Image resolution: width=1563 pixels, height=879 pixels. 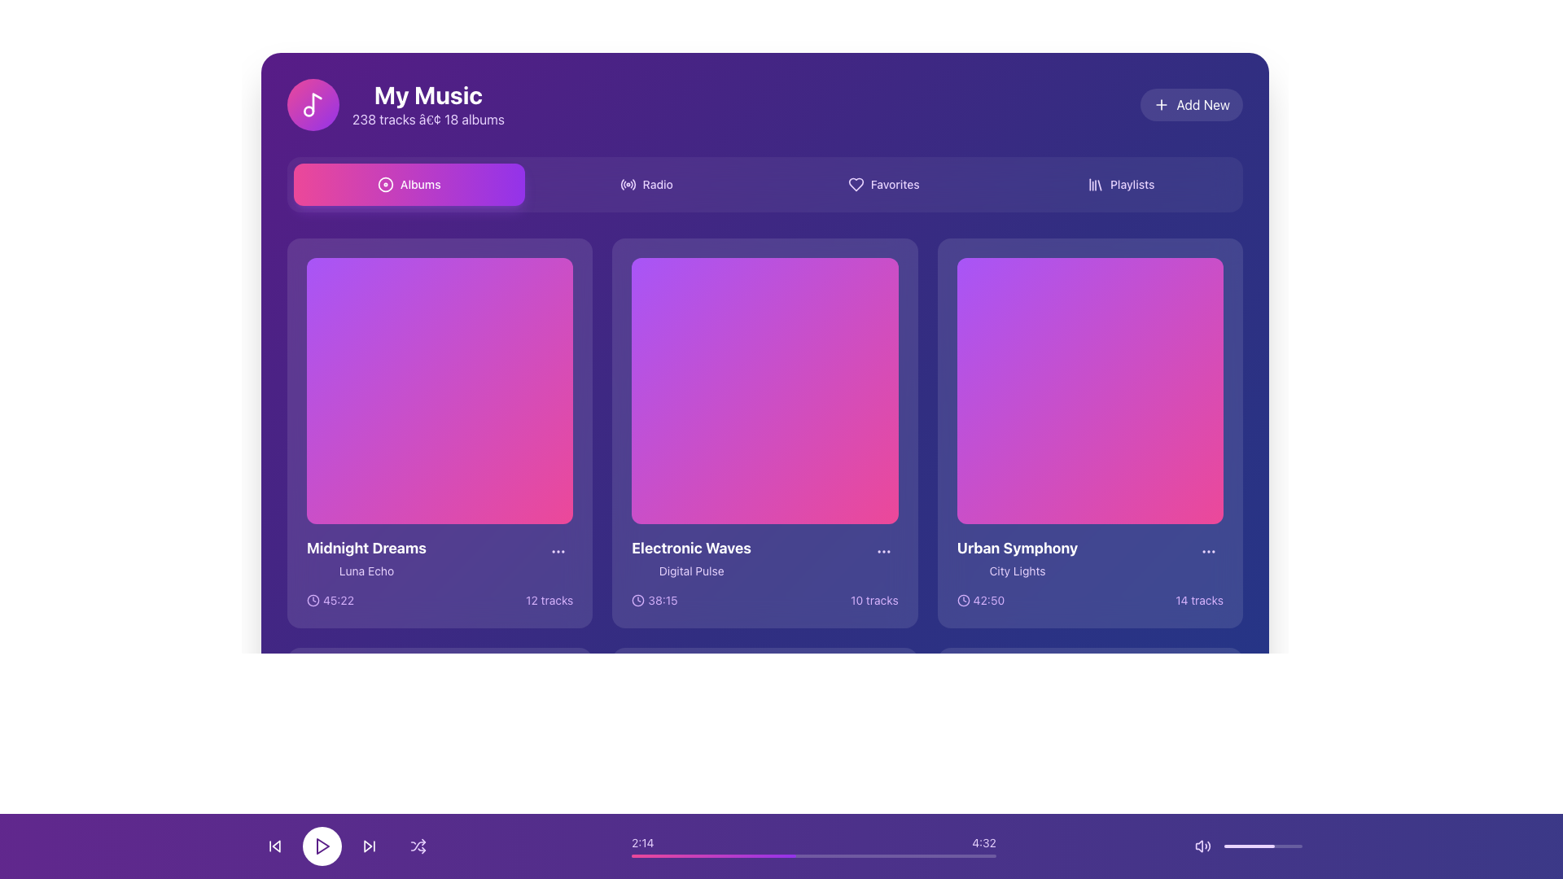 I want to click on the circular button with three horizontally aligned purple dots located at the bottom right corner of the 'Electronic Waves' card, so click(x=882, y=551).